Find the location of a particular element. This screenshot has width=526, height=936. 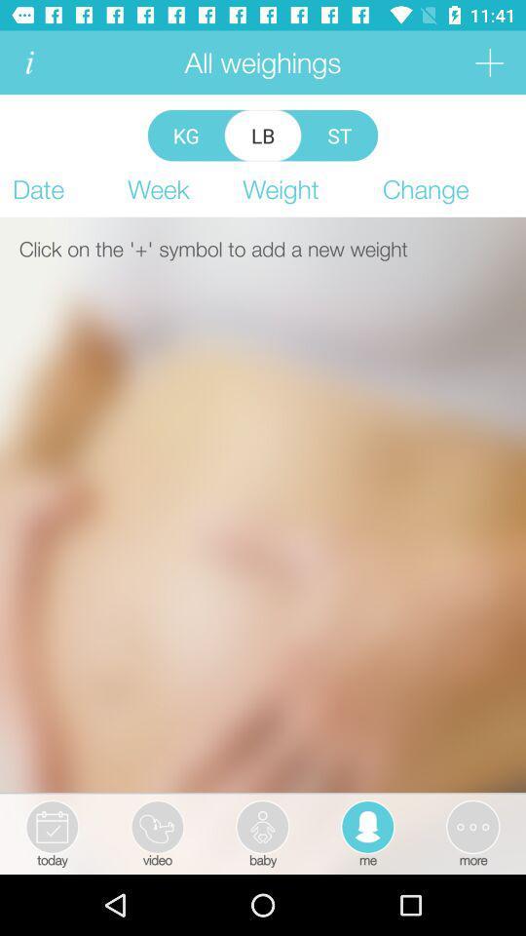

the item below all weighings is located at coordinates (263, 135).